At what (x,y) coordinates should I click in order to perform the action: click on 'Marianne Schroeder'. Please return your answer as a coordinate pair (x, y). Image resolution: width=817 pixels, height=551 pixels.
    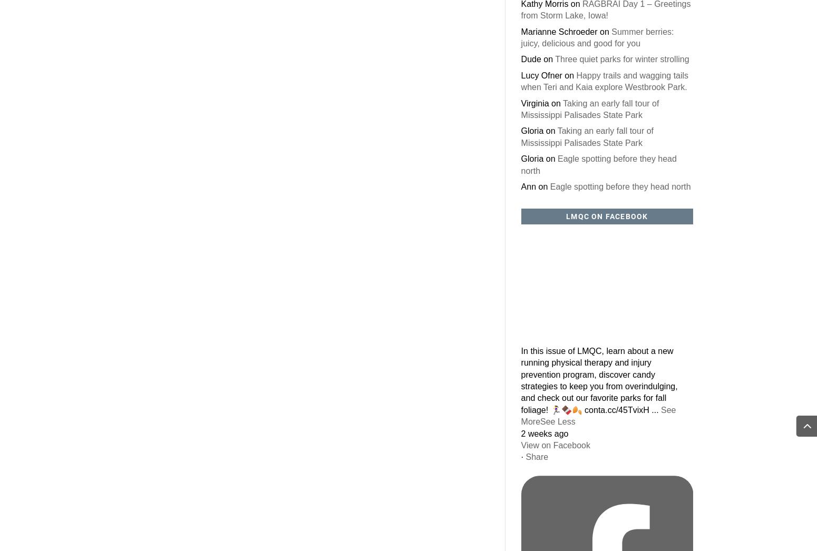
    Looking at the image, I should click on (520, 31).